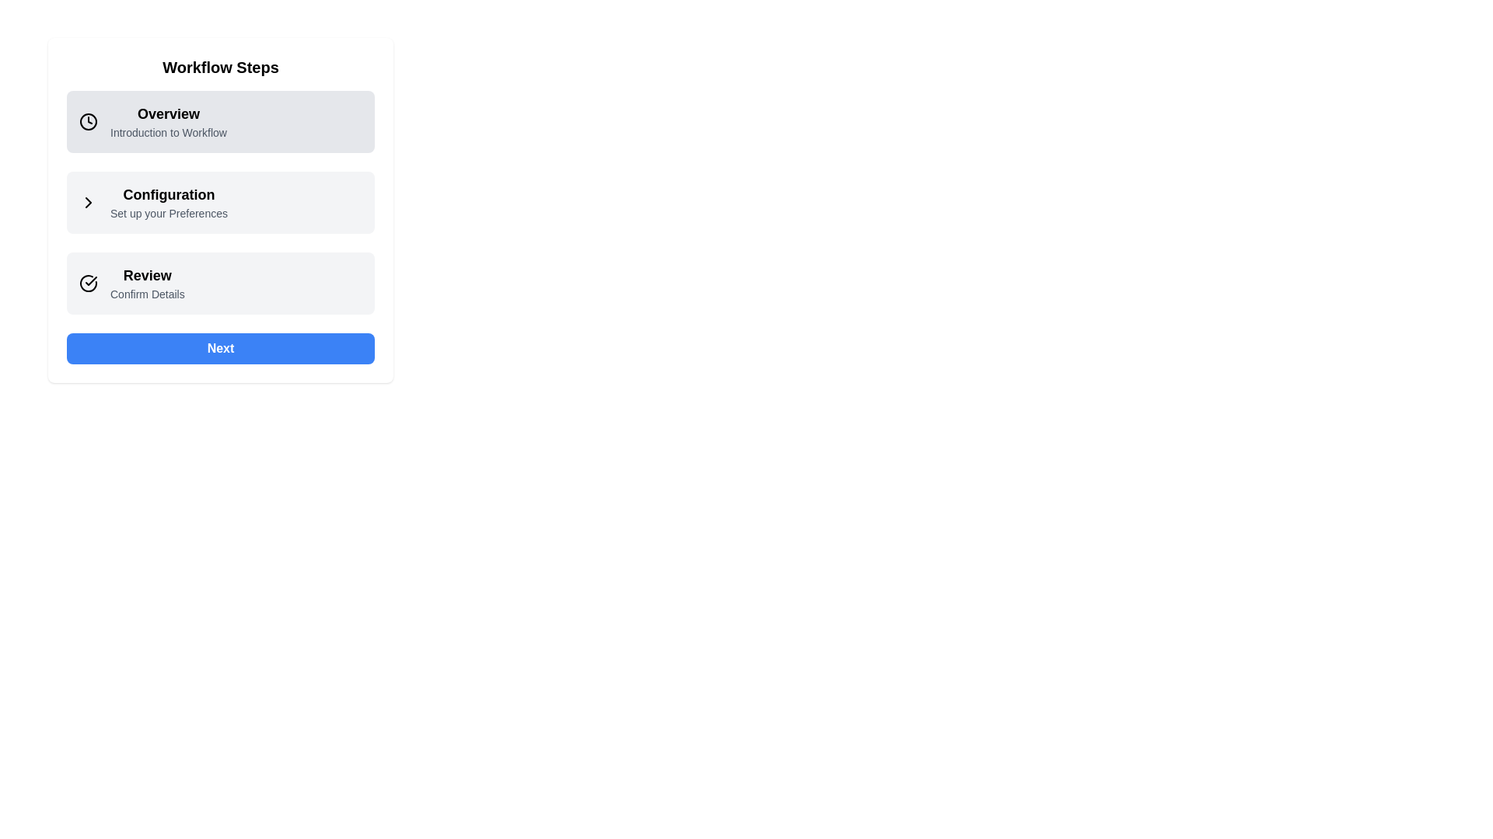  Describe the element at coordinates (88, 202) in the screenshot. I see `the rightward-pointing arrow icon located to the left of the 'Configuration' text in the workflow steps list` at that location.